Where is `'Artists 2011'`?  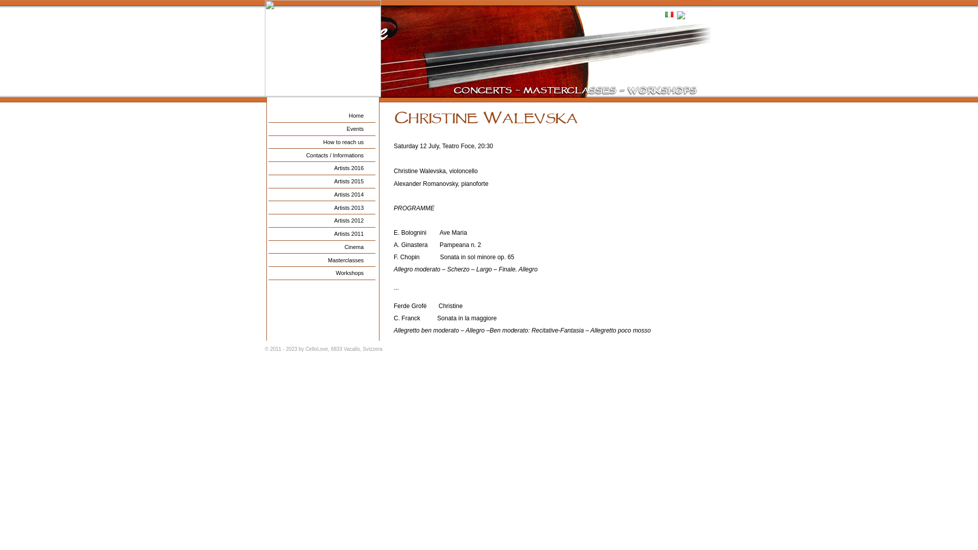
'Artists 2011' is located at coordinates (268, 234).